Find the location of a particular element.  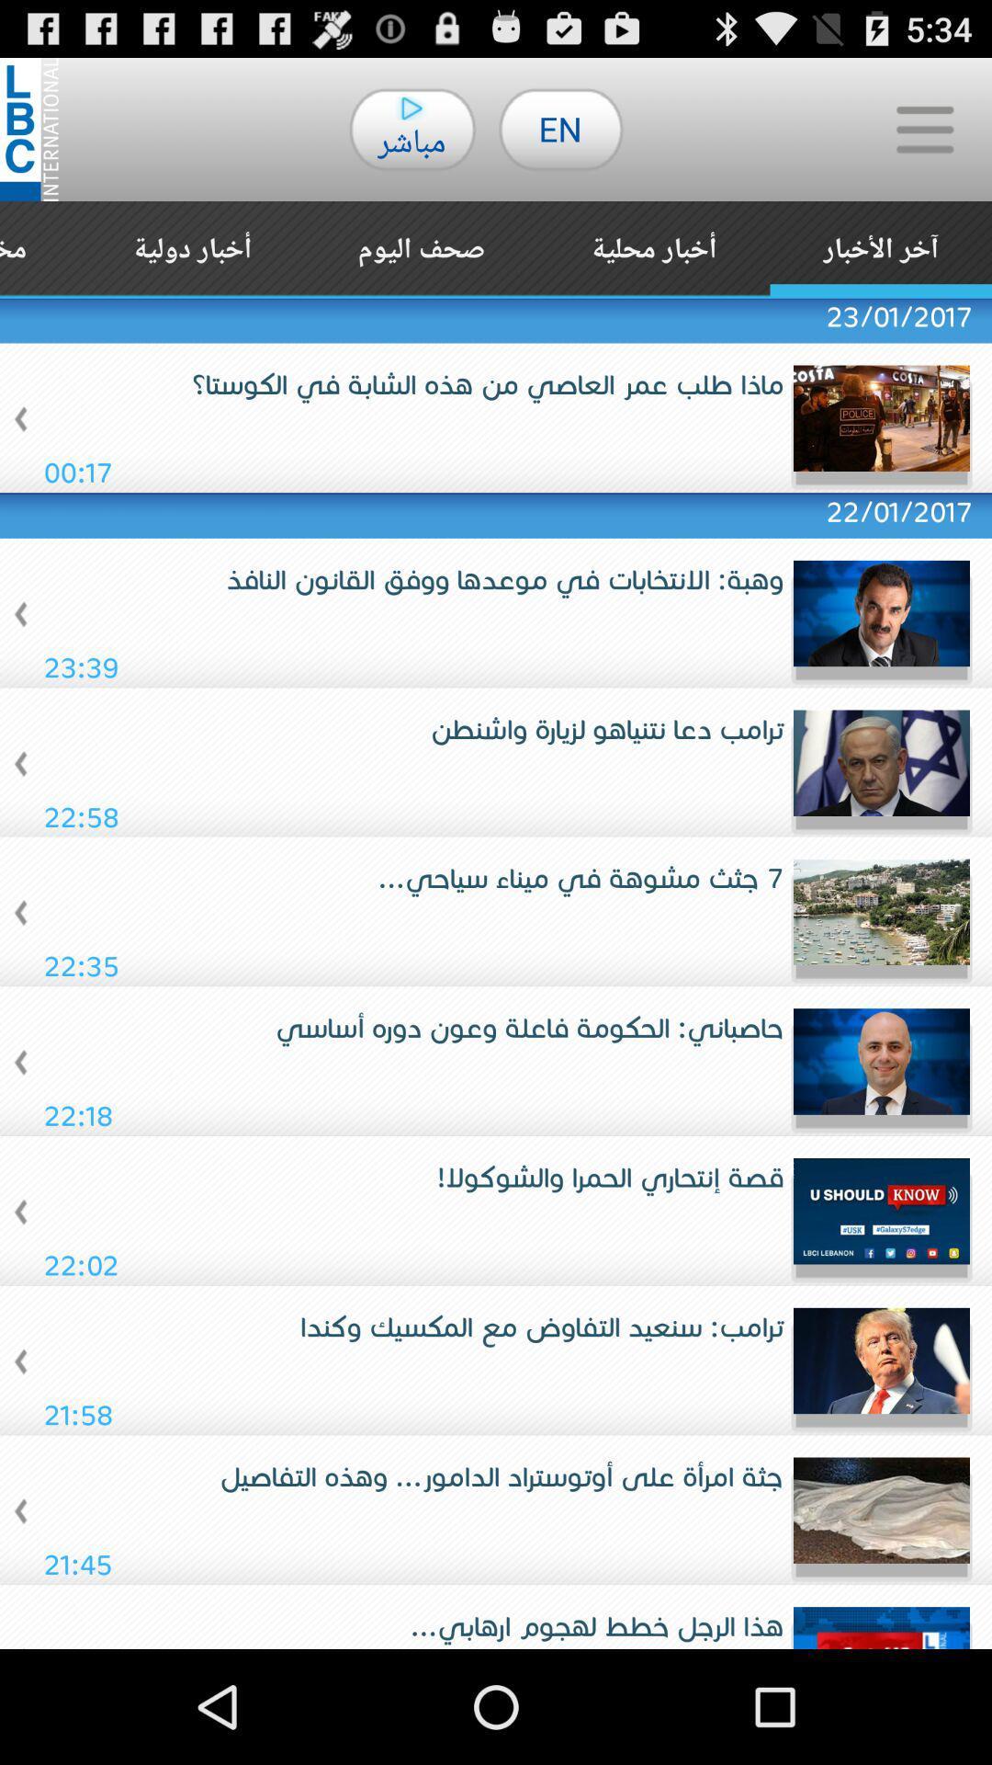

the app above 23/01/2017 is located at coordinates (422, 248).